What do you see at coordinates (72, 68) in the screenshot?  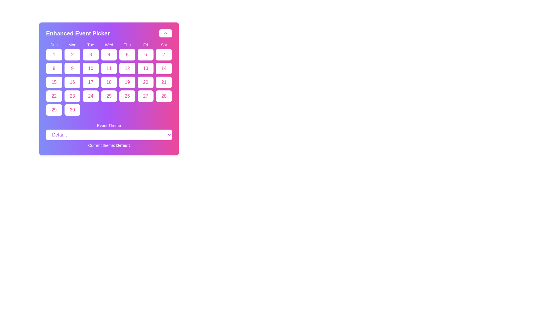 I see `the button representing the selectable date of the 9th in the calendar widget located in the second row, fifth column of the grid` at bounding box center [72, 68].